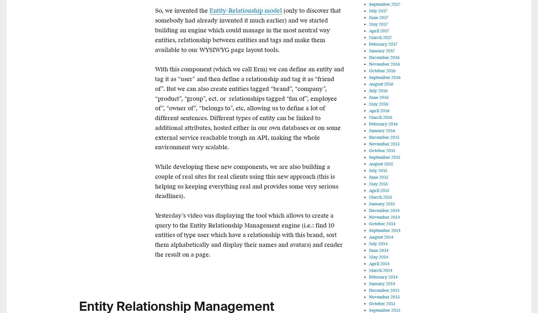  What do you see at coordinates (378, 244) in the screenshot?
I see `'July 2014'` at bounding box center [378, 244].